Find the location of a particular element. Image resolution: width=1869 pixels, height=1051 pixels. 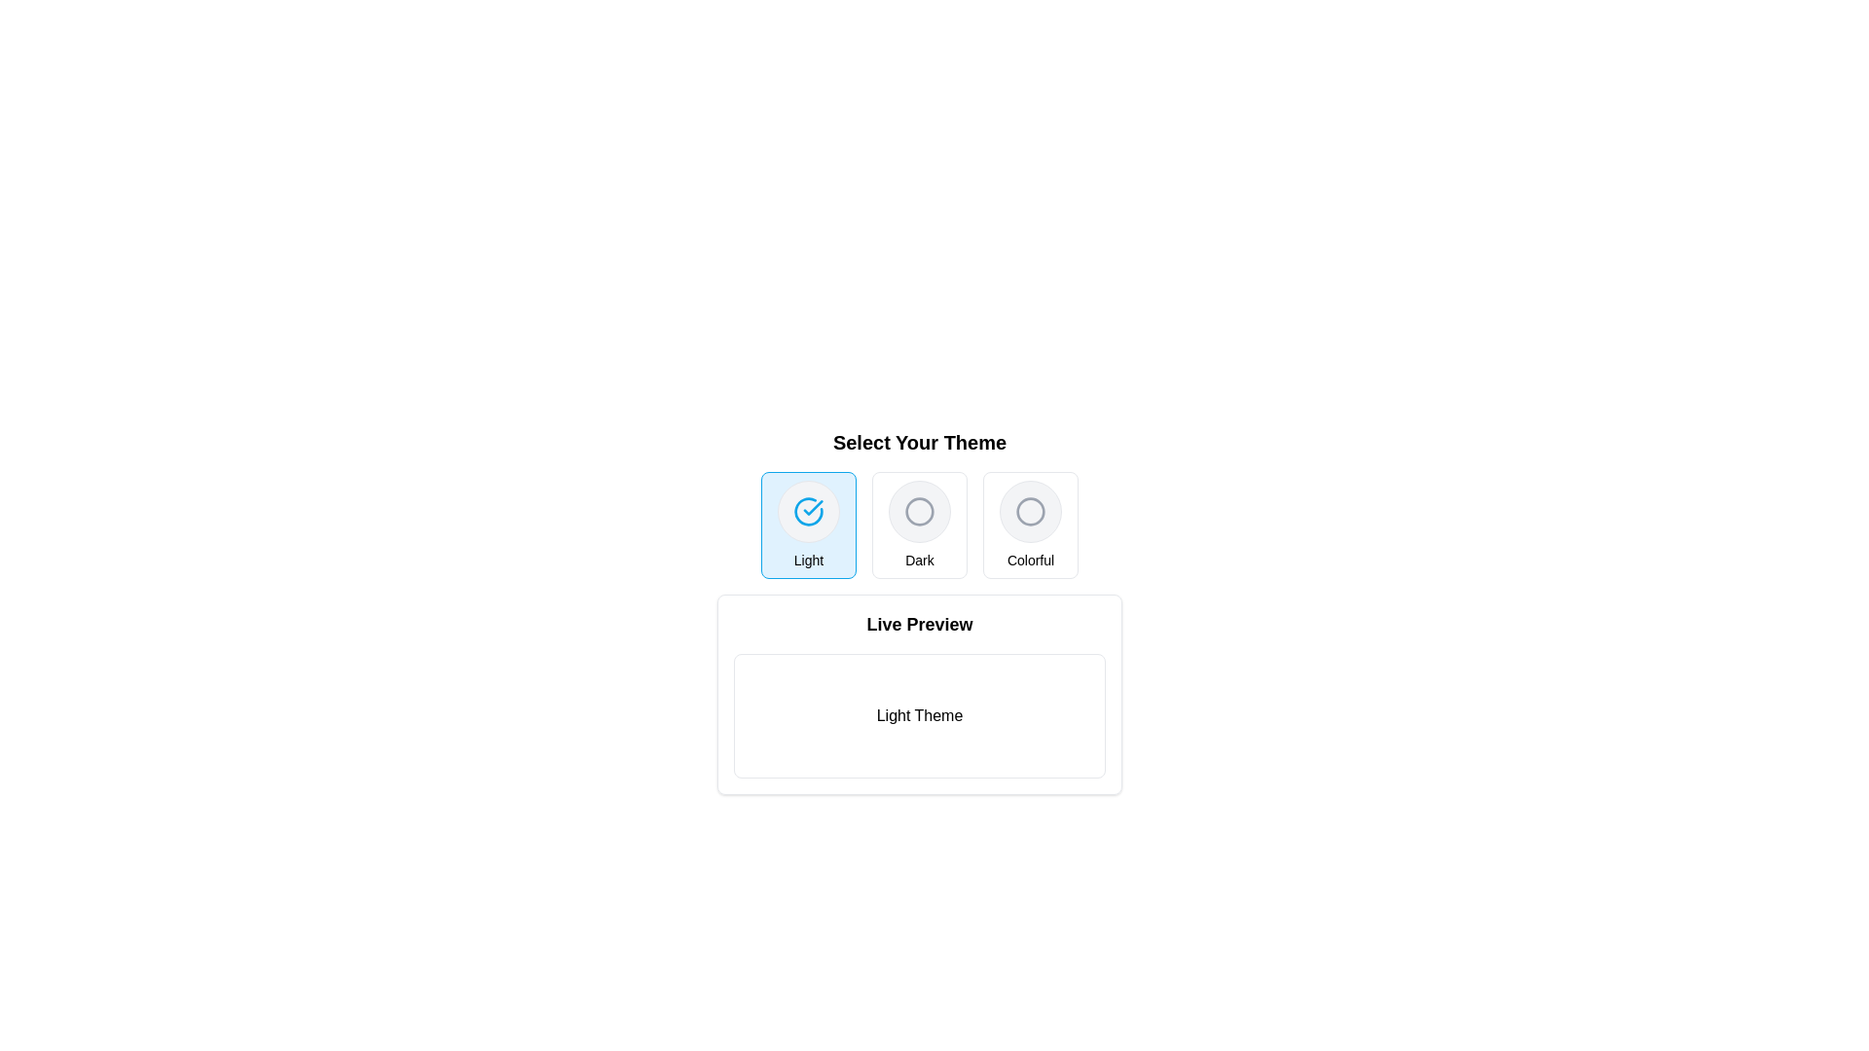

the Label containing the text 'Light Theme', which is located below the title 'Live Preview' and has a rectangular shape with rounded corners is located at coordinates (919, 716).